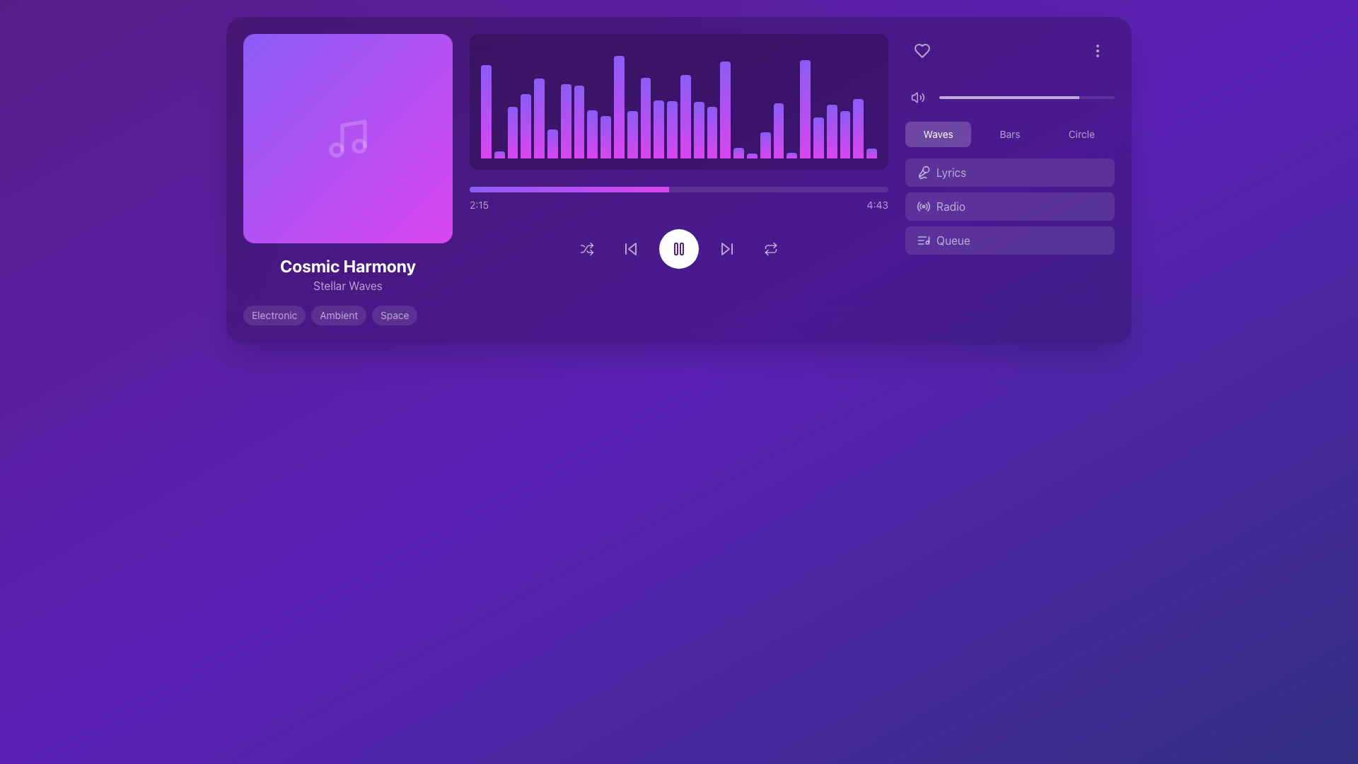  Describe the element at coordinates (507, 188) in the screenshot. I see `the progress bar value` at that location.